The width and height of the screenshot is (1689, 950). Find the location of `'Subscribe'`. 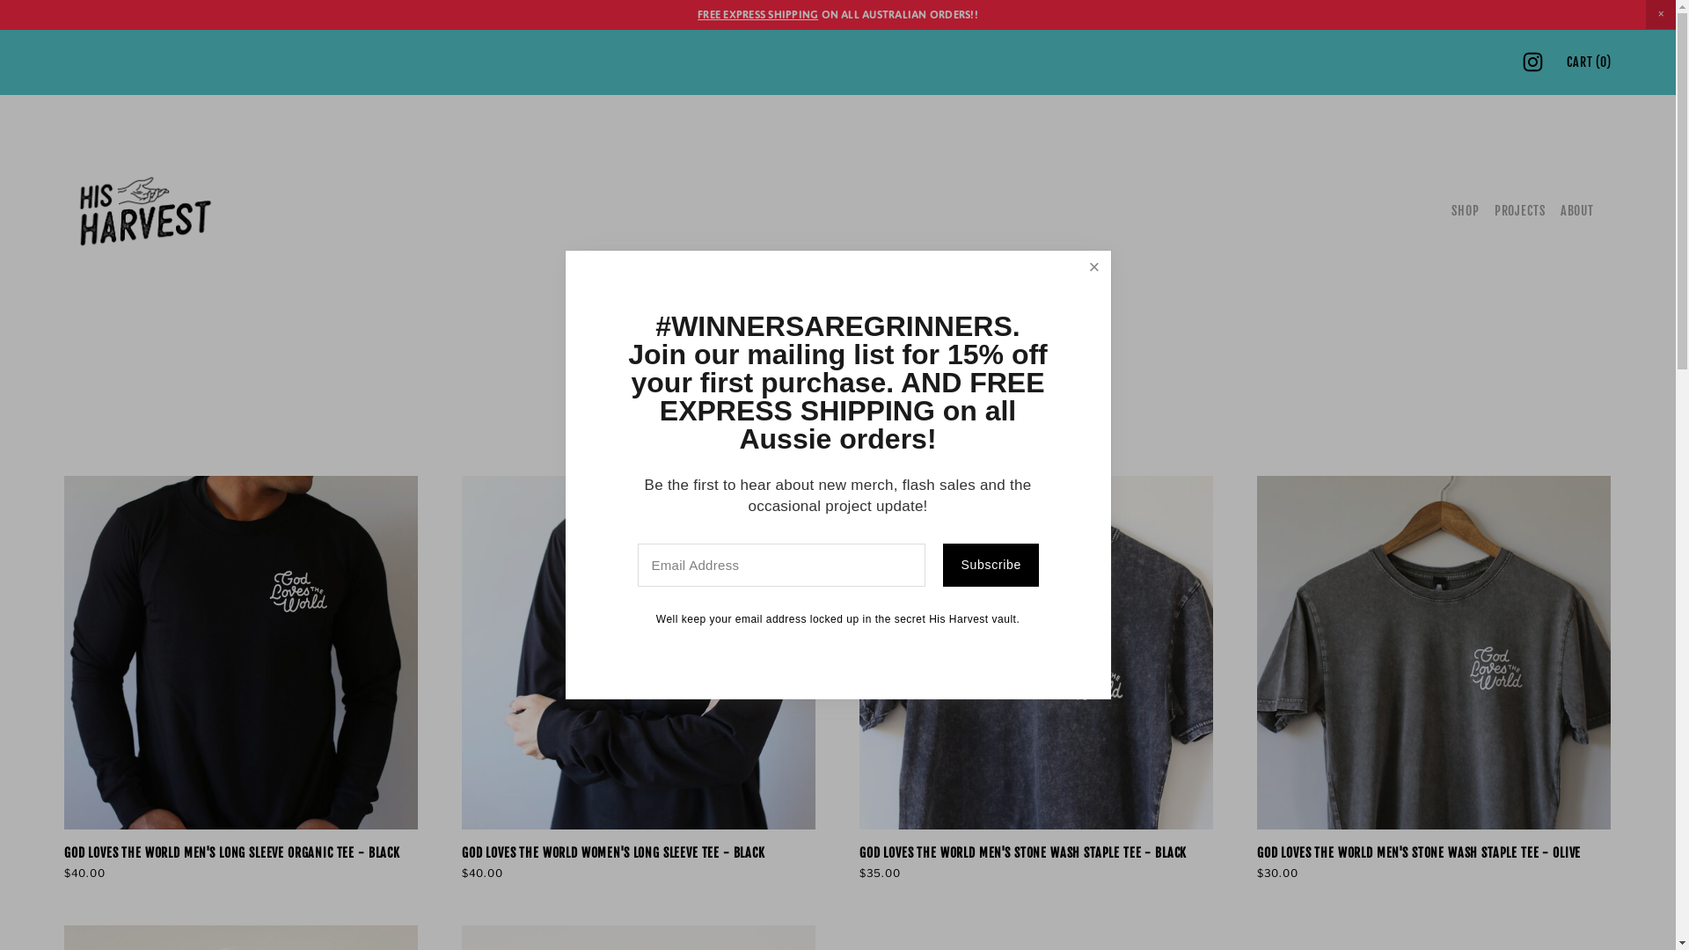

'Subscribe' is located at coordinates (941, 566).